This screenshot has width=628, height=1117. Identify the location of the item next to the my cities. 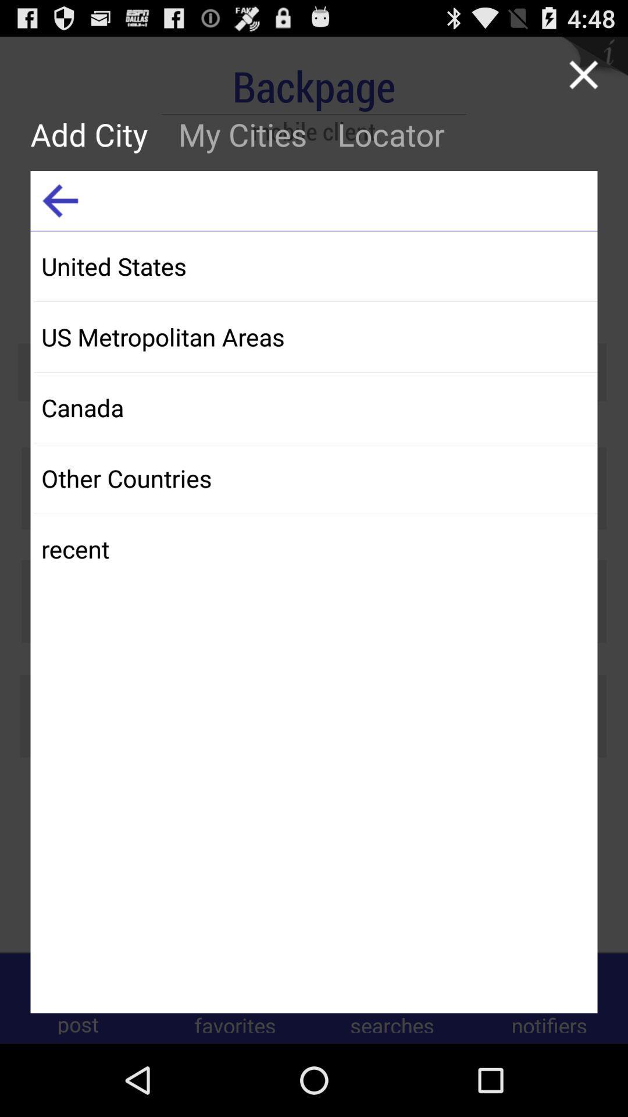
(60, 201).